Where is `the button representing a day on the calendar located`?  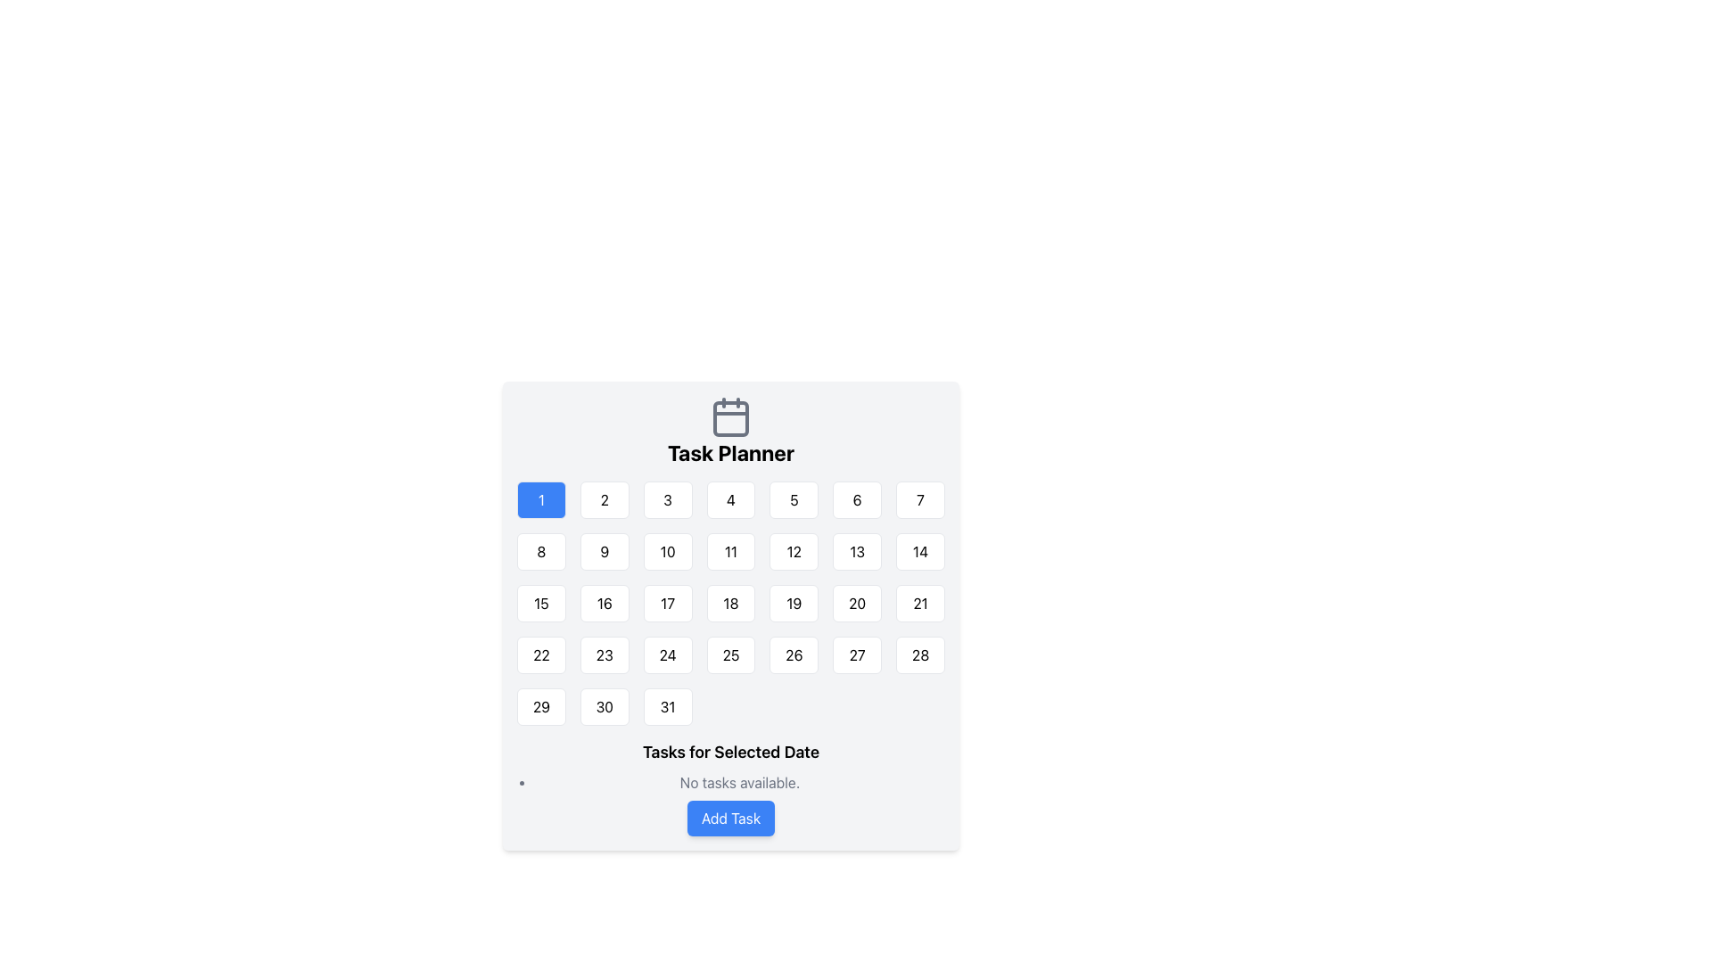
the button representing a day on the calendar located is located at coordinates (540, 603).